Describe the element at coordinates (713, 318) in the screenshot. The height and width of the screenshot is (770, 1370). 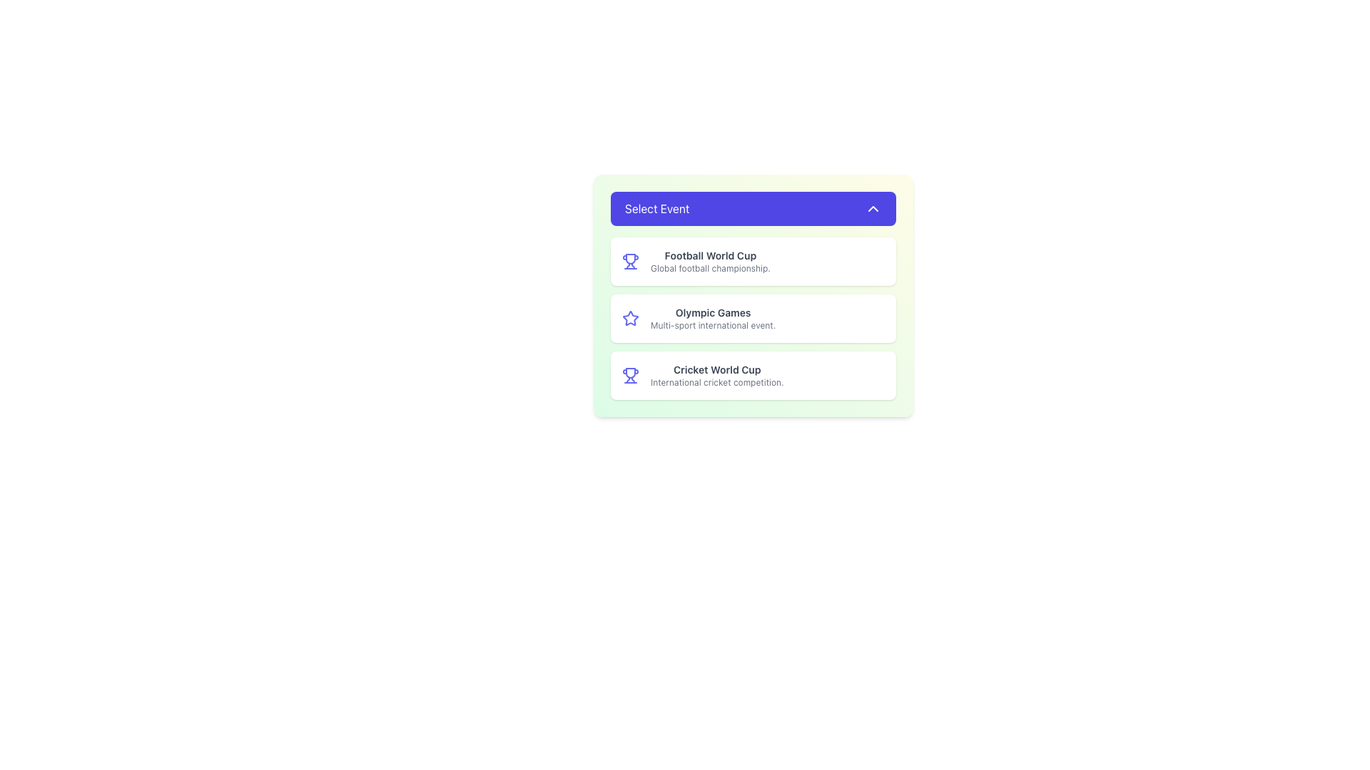
I see `the text display for the 'Olympic Games' event, which is centrally located between the 'Football World Cup' and 'Cricket World Cup' entries in the list` at that location.